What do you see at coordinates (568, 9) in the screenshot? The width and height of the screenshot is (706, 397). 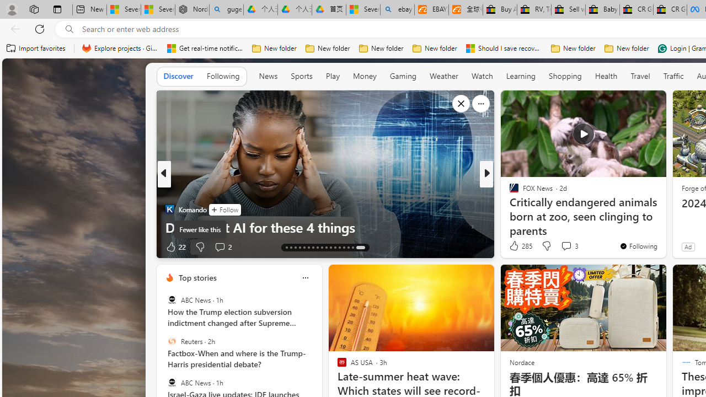 I see `'Sell worldwide with eBay'` at bounding box center [568, 9].